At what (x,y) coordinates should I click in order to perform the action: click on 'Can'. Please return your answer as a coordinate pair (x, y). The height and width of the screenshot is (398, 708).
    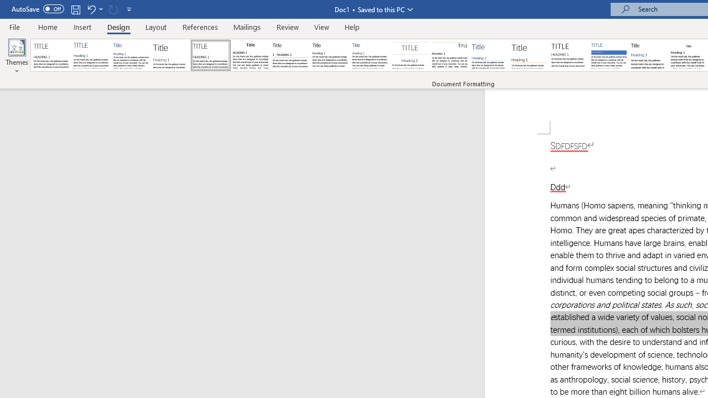
    Looking at the image, I should click on (113, 9).